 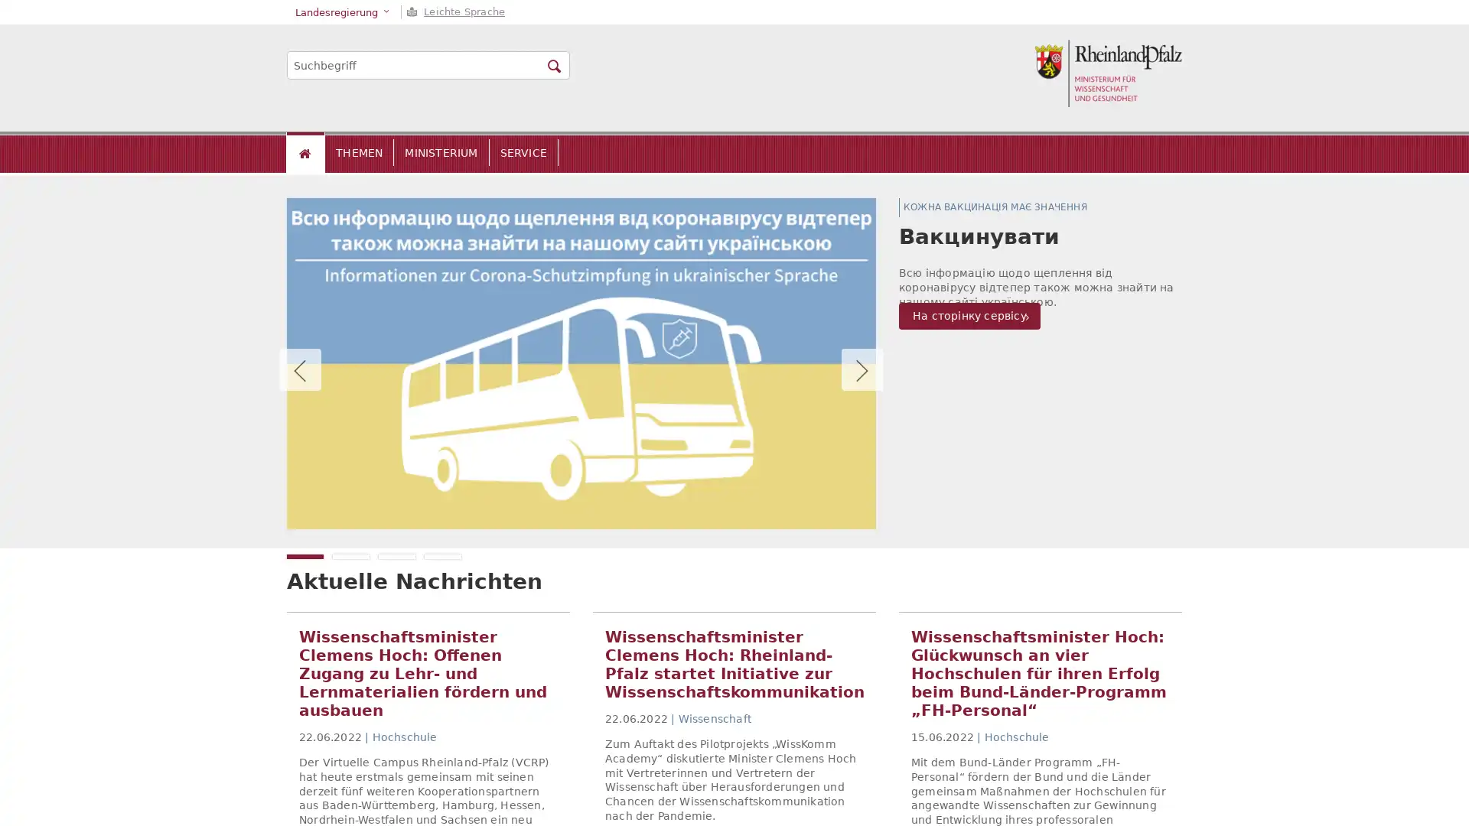 What do you see at coordinates (440, 153) in the screenshot?
I see `MINISTERIUM` at bounding box center [440, 153].